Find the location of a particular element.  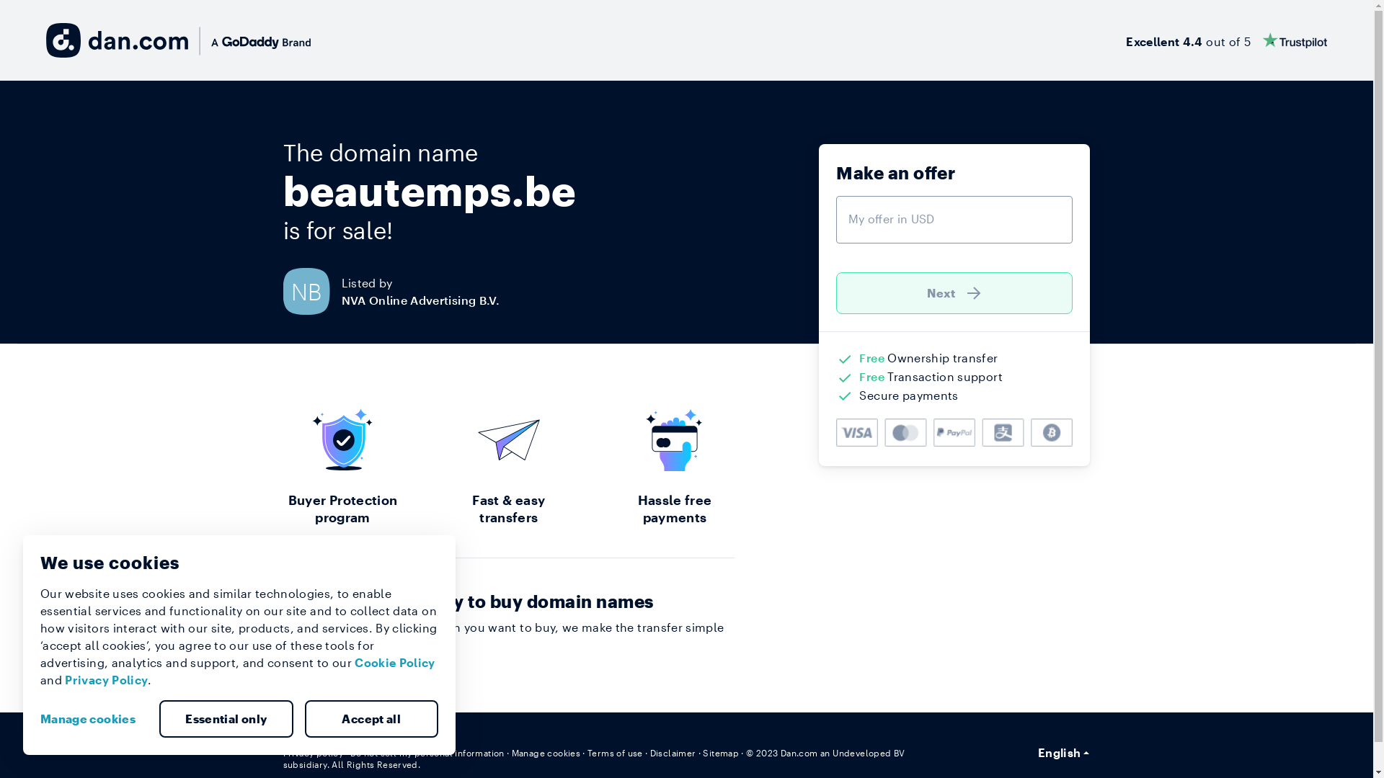

'Cookie Policy' is located at coordinates (394, 662).